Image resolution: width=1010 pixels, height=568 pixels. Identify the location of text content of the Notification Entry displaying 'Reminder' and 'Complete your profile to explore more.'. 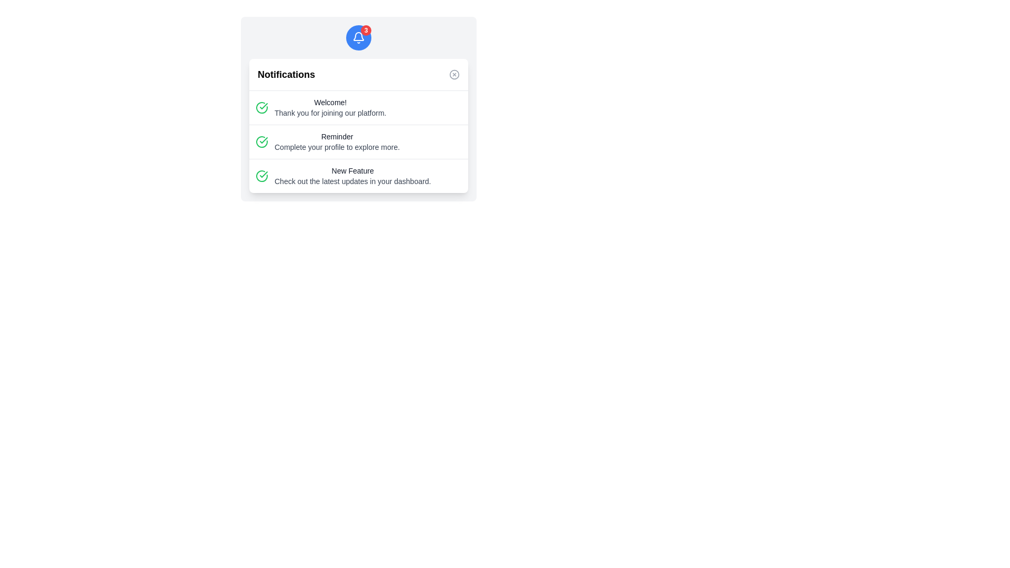
(358, 141).